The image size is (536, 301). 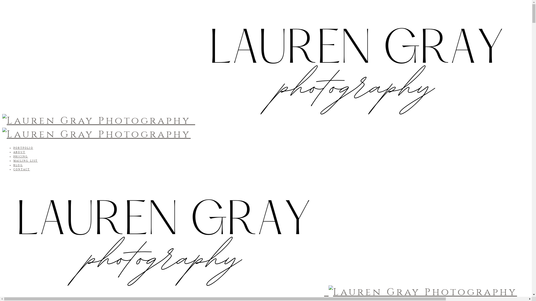 What do you see at coordinates (23, 147) in the screenshot?
I see `'PORTFOLIO'` at bounding box center [23, 147].